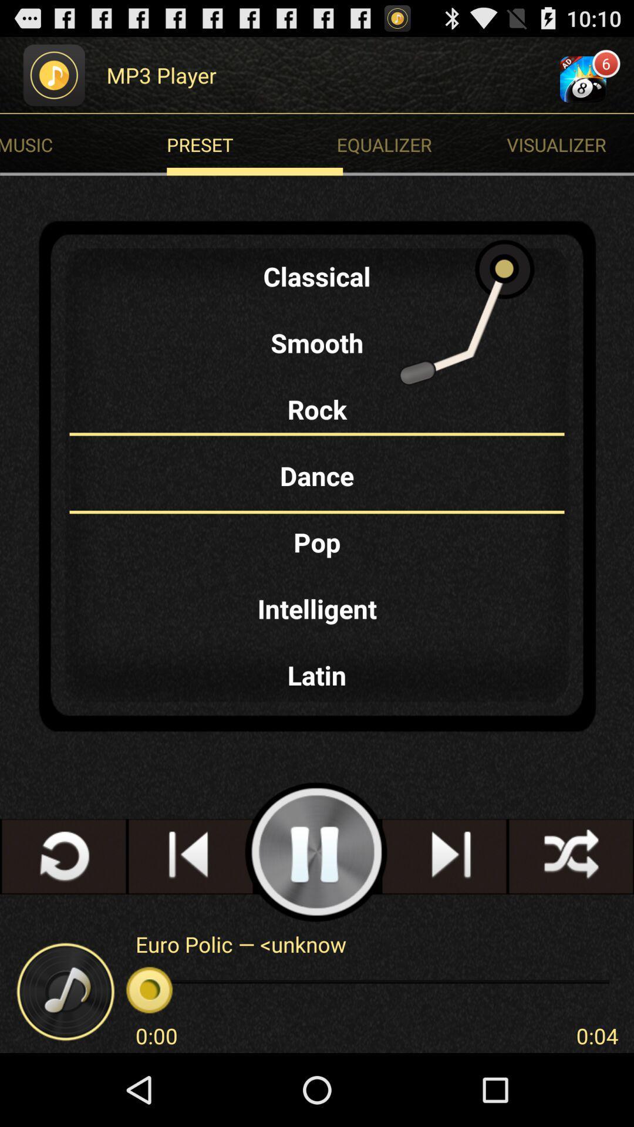  Describe the element at coordinates (316, 852) in the screenshot. I see `play` at that location.